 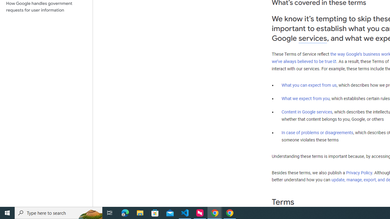 What do you see at coordinates (305, 98) in the screenshot?
I see `'What we expect from you'` at bounding box center [305, 98].